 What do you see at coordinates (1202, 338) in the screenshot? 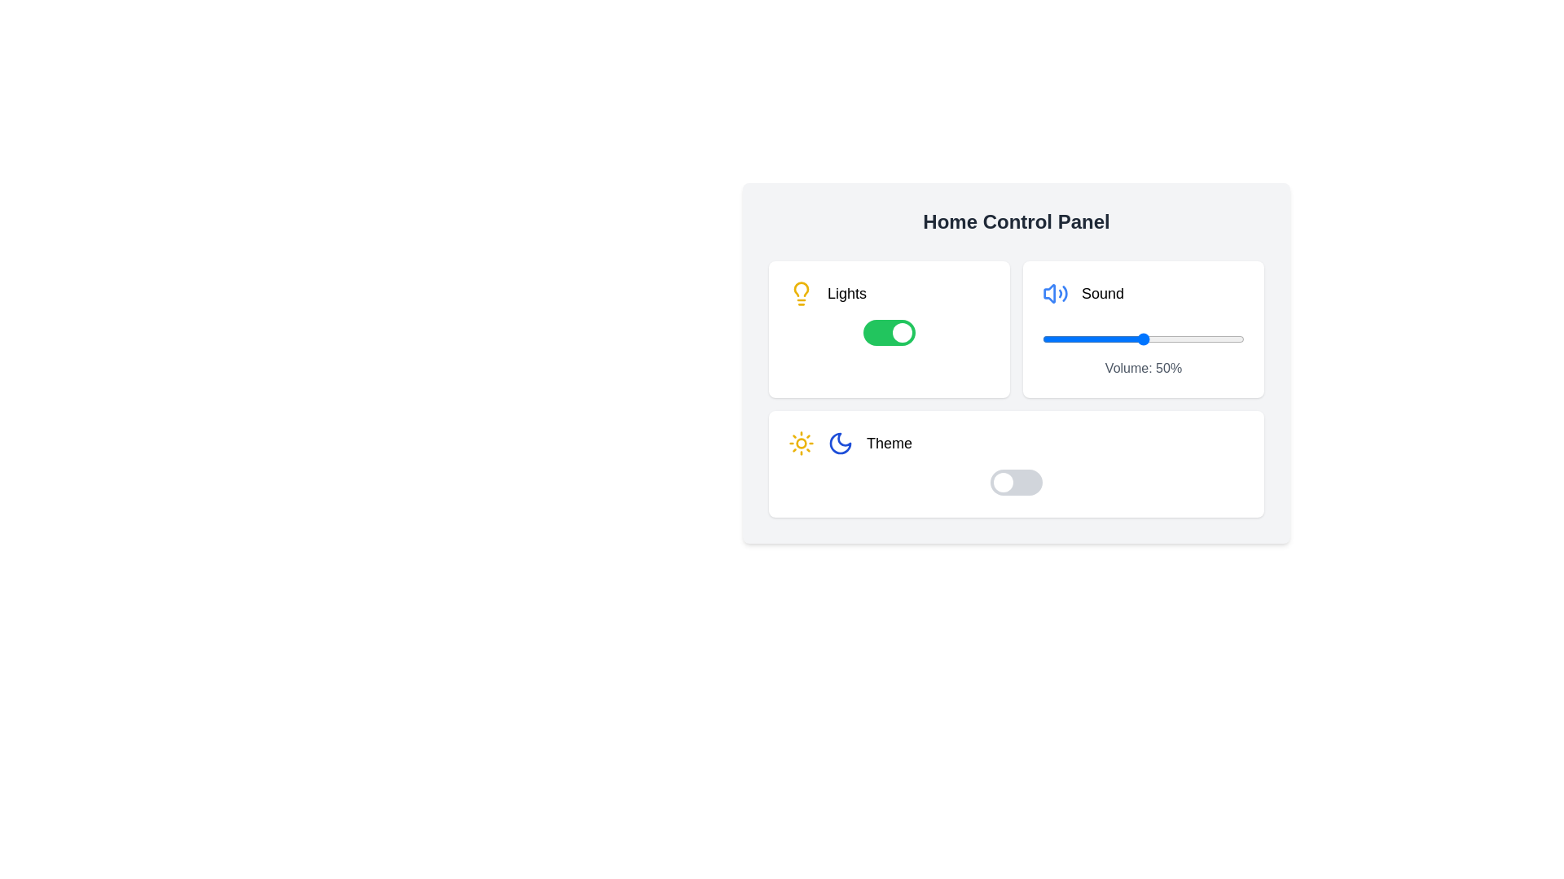
I see `the volume` at bounding box center [1202, 338].